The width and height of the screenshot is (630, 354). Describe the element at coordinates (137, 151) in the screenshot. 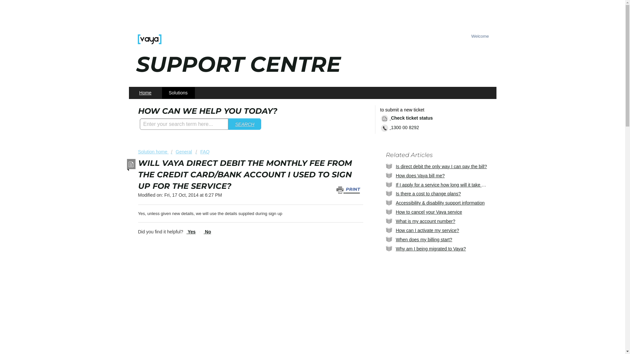

I see `'Solution home'` at that location.